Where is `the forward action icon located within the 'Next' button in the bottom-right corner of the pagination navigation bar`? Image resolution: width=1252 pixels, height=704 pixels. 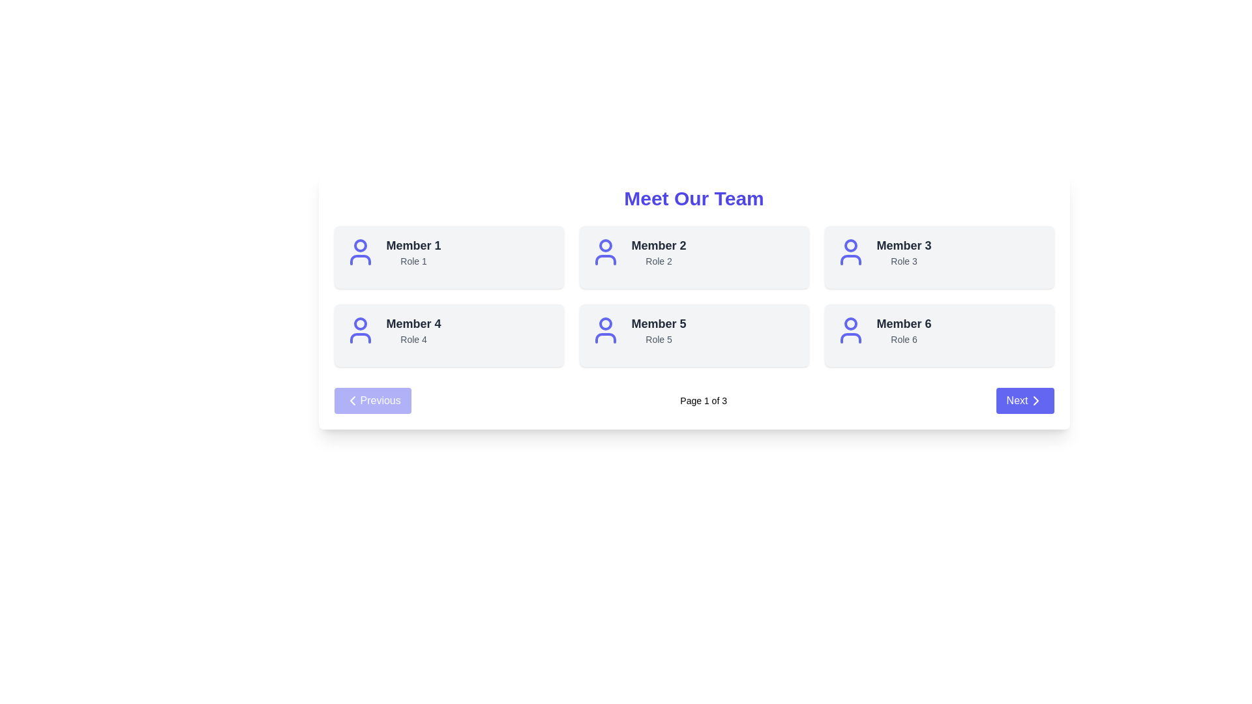 the forward action icon located within the 'Next' button in the bottom-right corner of the pagination navigation bar is located at coordinates (1035, 400).